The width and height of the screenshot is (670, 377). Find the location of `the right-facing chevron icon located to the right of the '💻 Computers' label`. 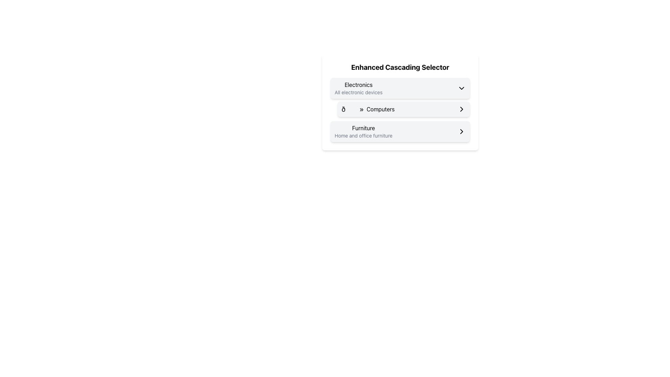

the right-facing chevron icon located to the right of the '💻 Computers' label is located at coordinates (462, 109).